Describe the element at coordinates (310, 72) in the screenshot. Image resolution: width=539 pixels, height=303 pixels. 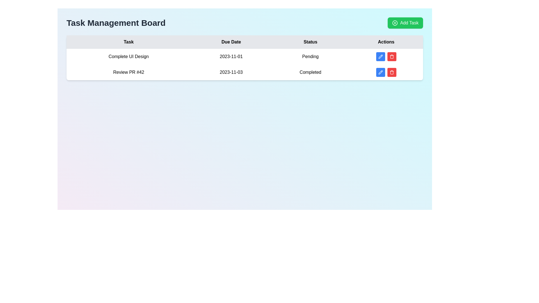
I see `the status display text label in the task management table that indicates the completion of the task 'Review PR #42'` at that location.